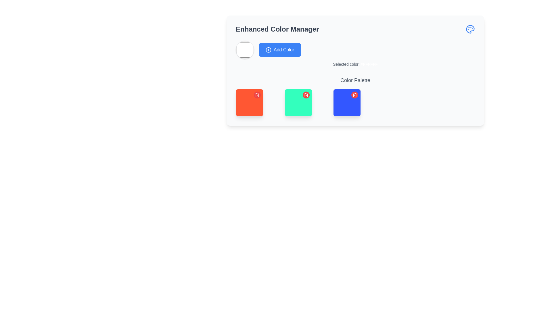  I want to click on text label displaying 'Color Palette' located at the center-top area above the grid of color blocks, so click(355, 80).